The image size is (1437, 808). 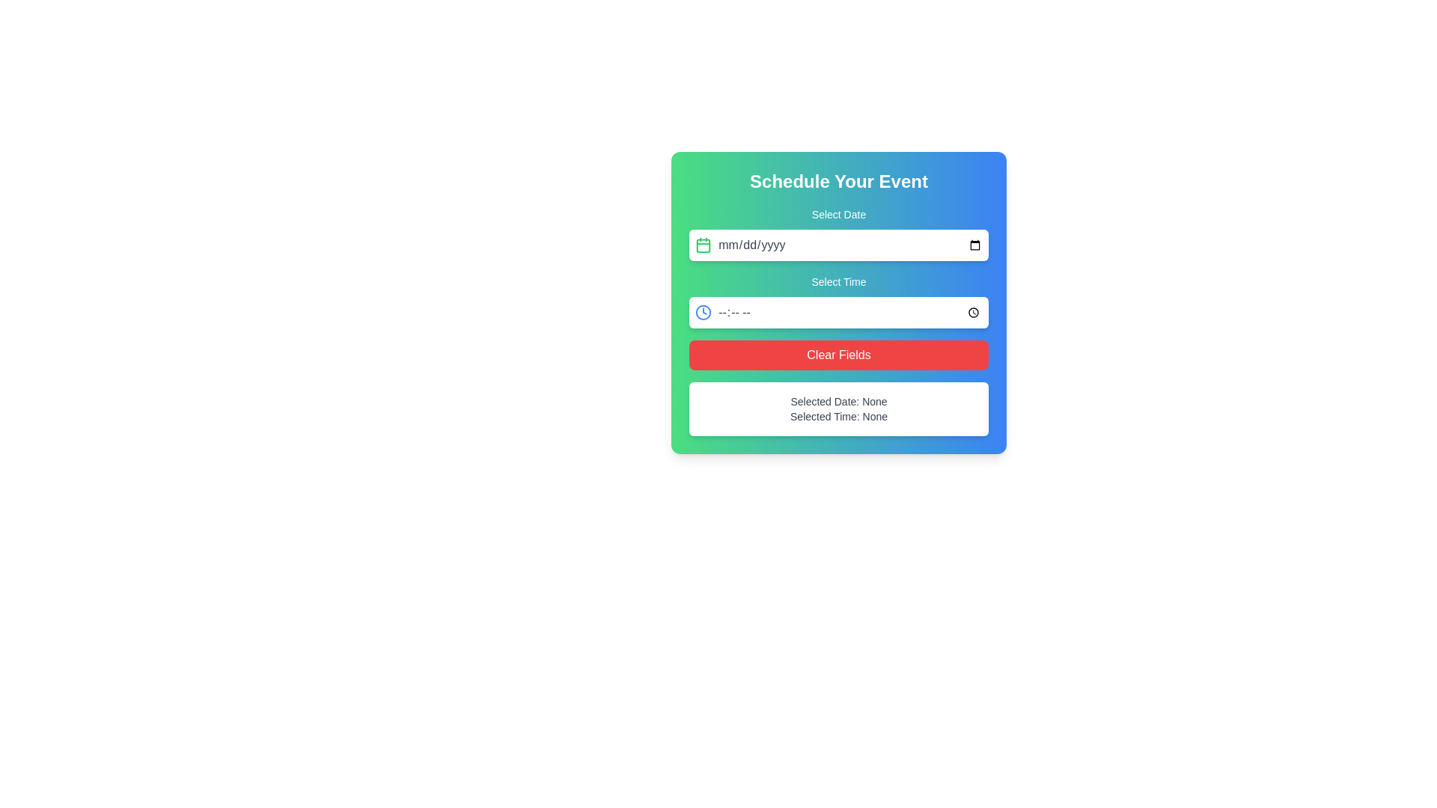 What do you see at coordinates (850, 244) in the screenshot?
I see `the Date input field` at bounding box center [850, 244].